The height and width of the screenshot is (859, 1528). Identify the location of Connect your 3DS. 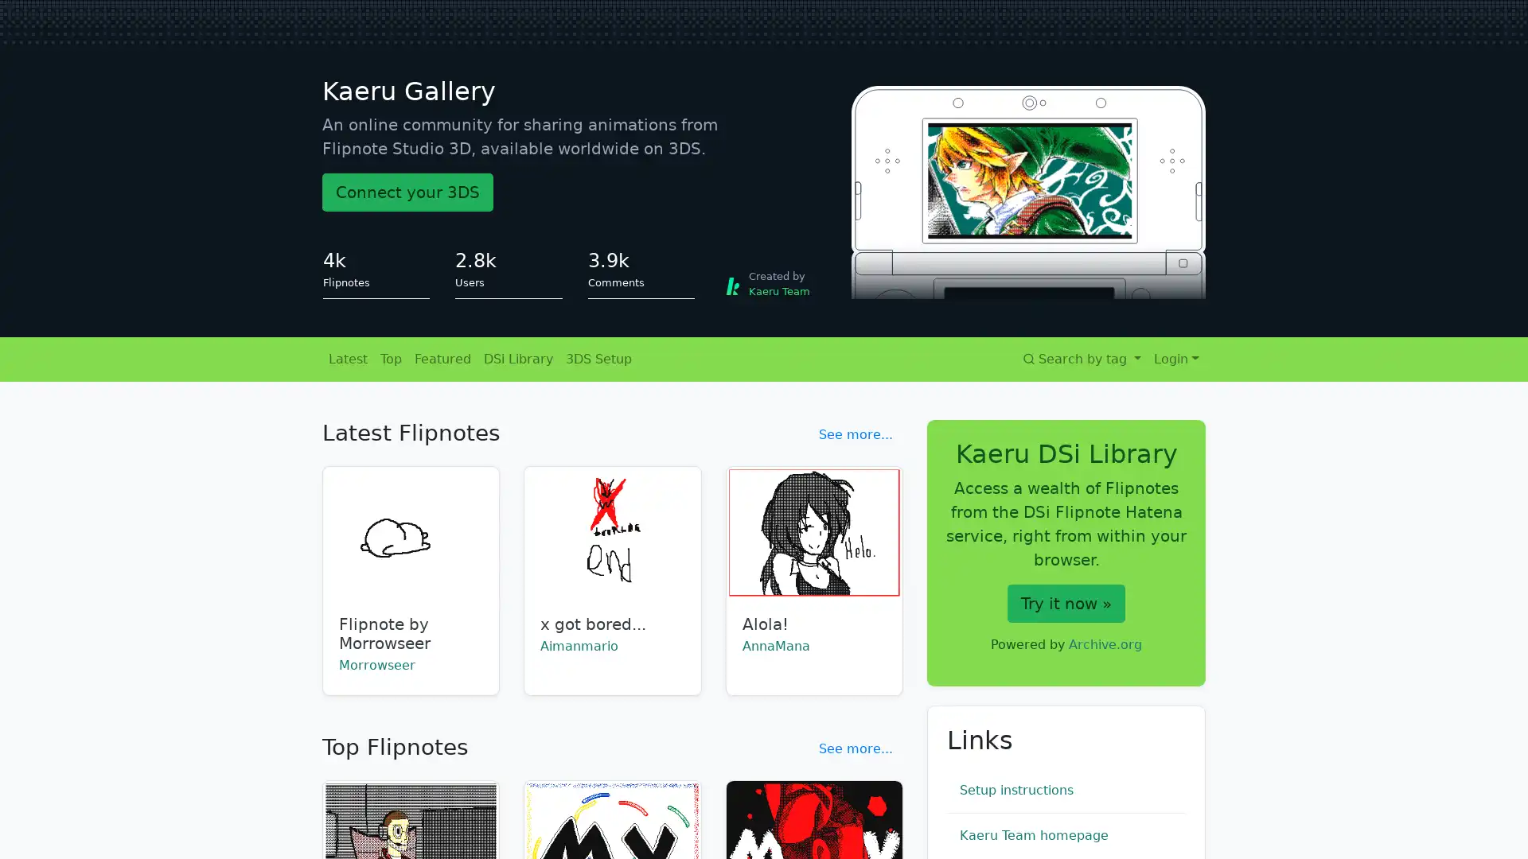
(407, 192).